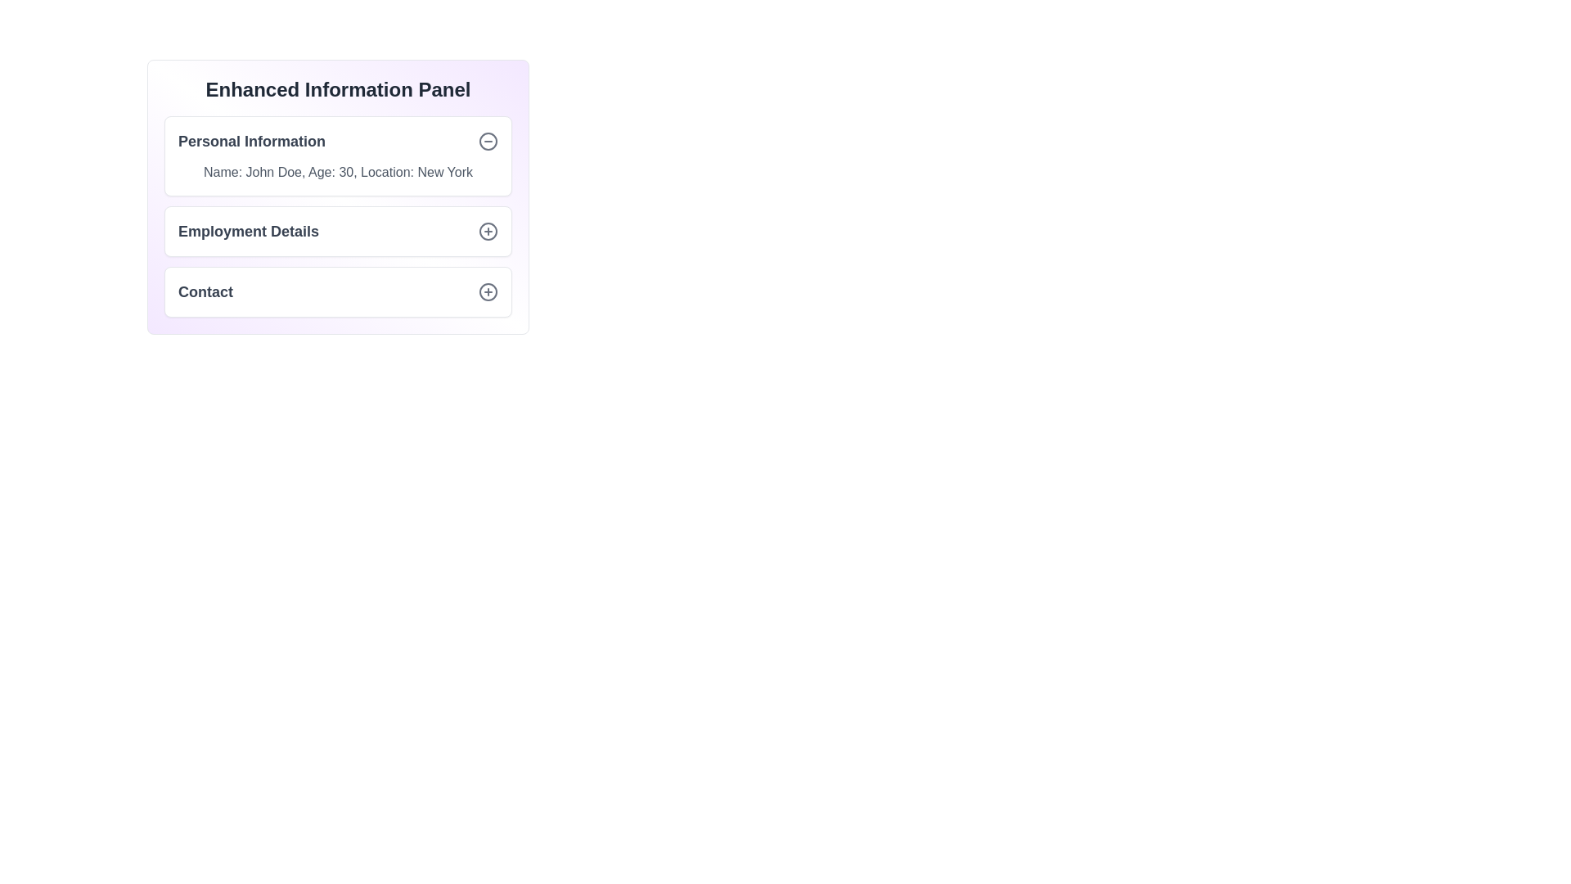 The height and width of the screenshot is (884, 1571). What do you see at coordinates (487, 291) in the screenshot?
I see `the button located to the right of the 'Contact' text in the third section of the 'Enhanced Information Panel'` at bounding box center [487, 291].